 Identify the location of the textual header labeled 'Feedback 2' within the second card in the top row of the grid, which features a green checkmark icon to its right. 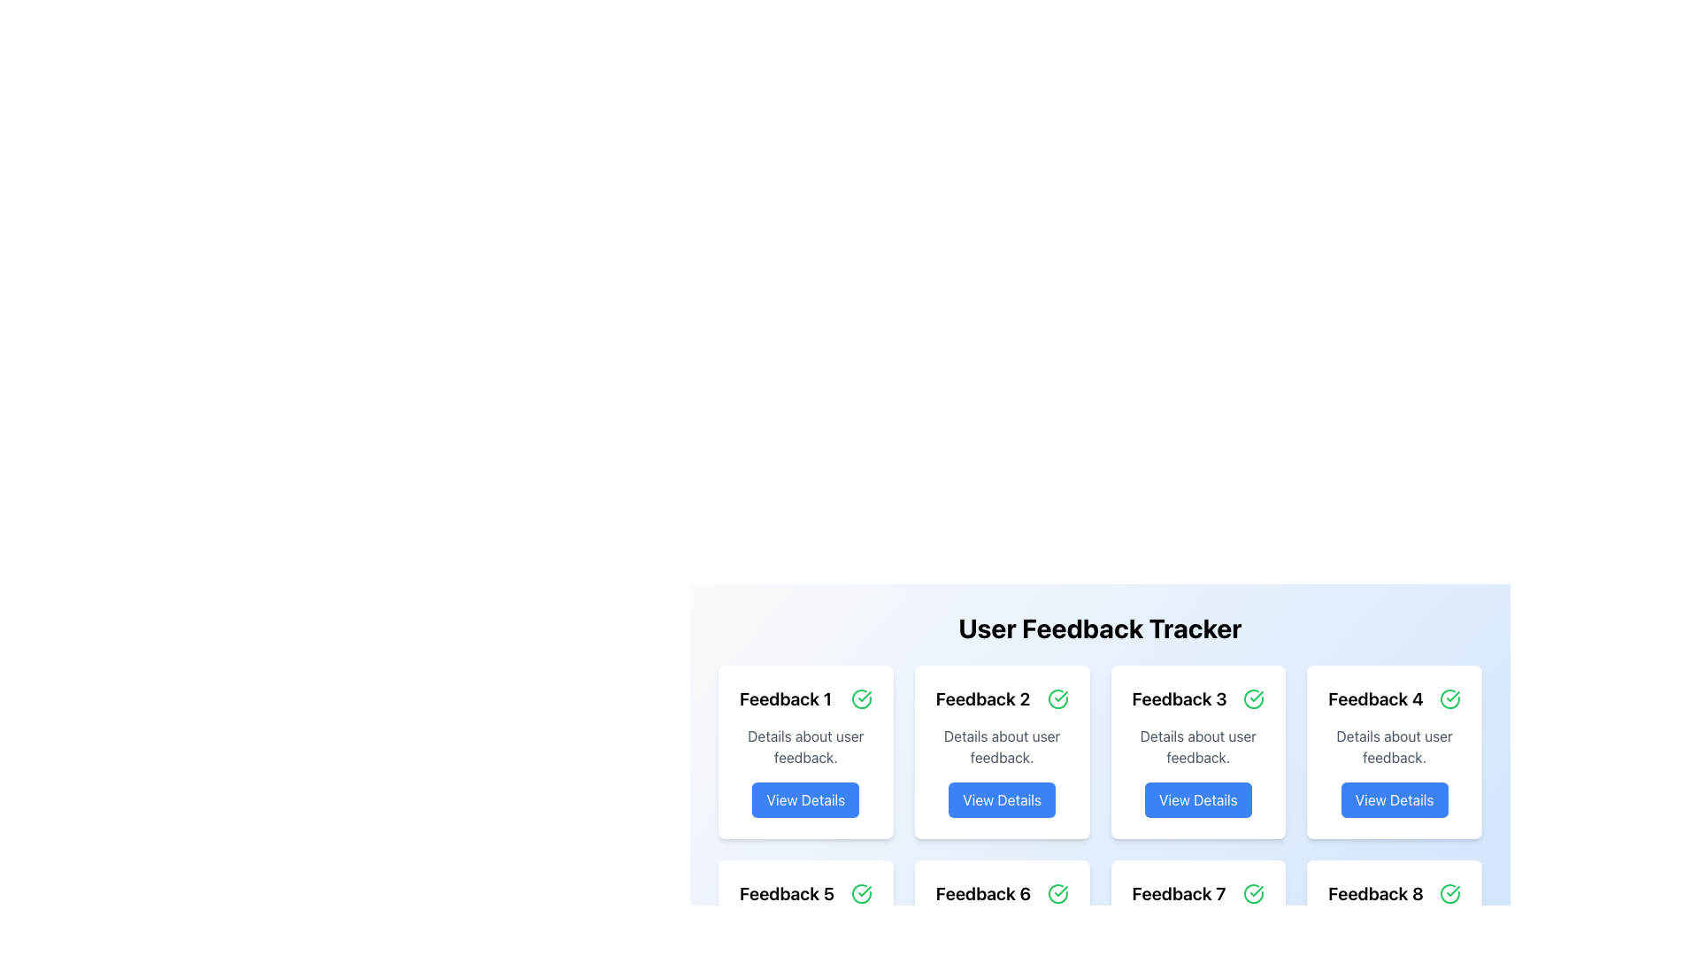
(1002, 698).